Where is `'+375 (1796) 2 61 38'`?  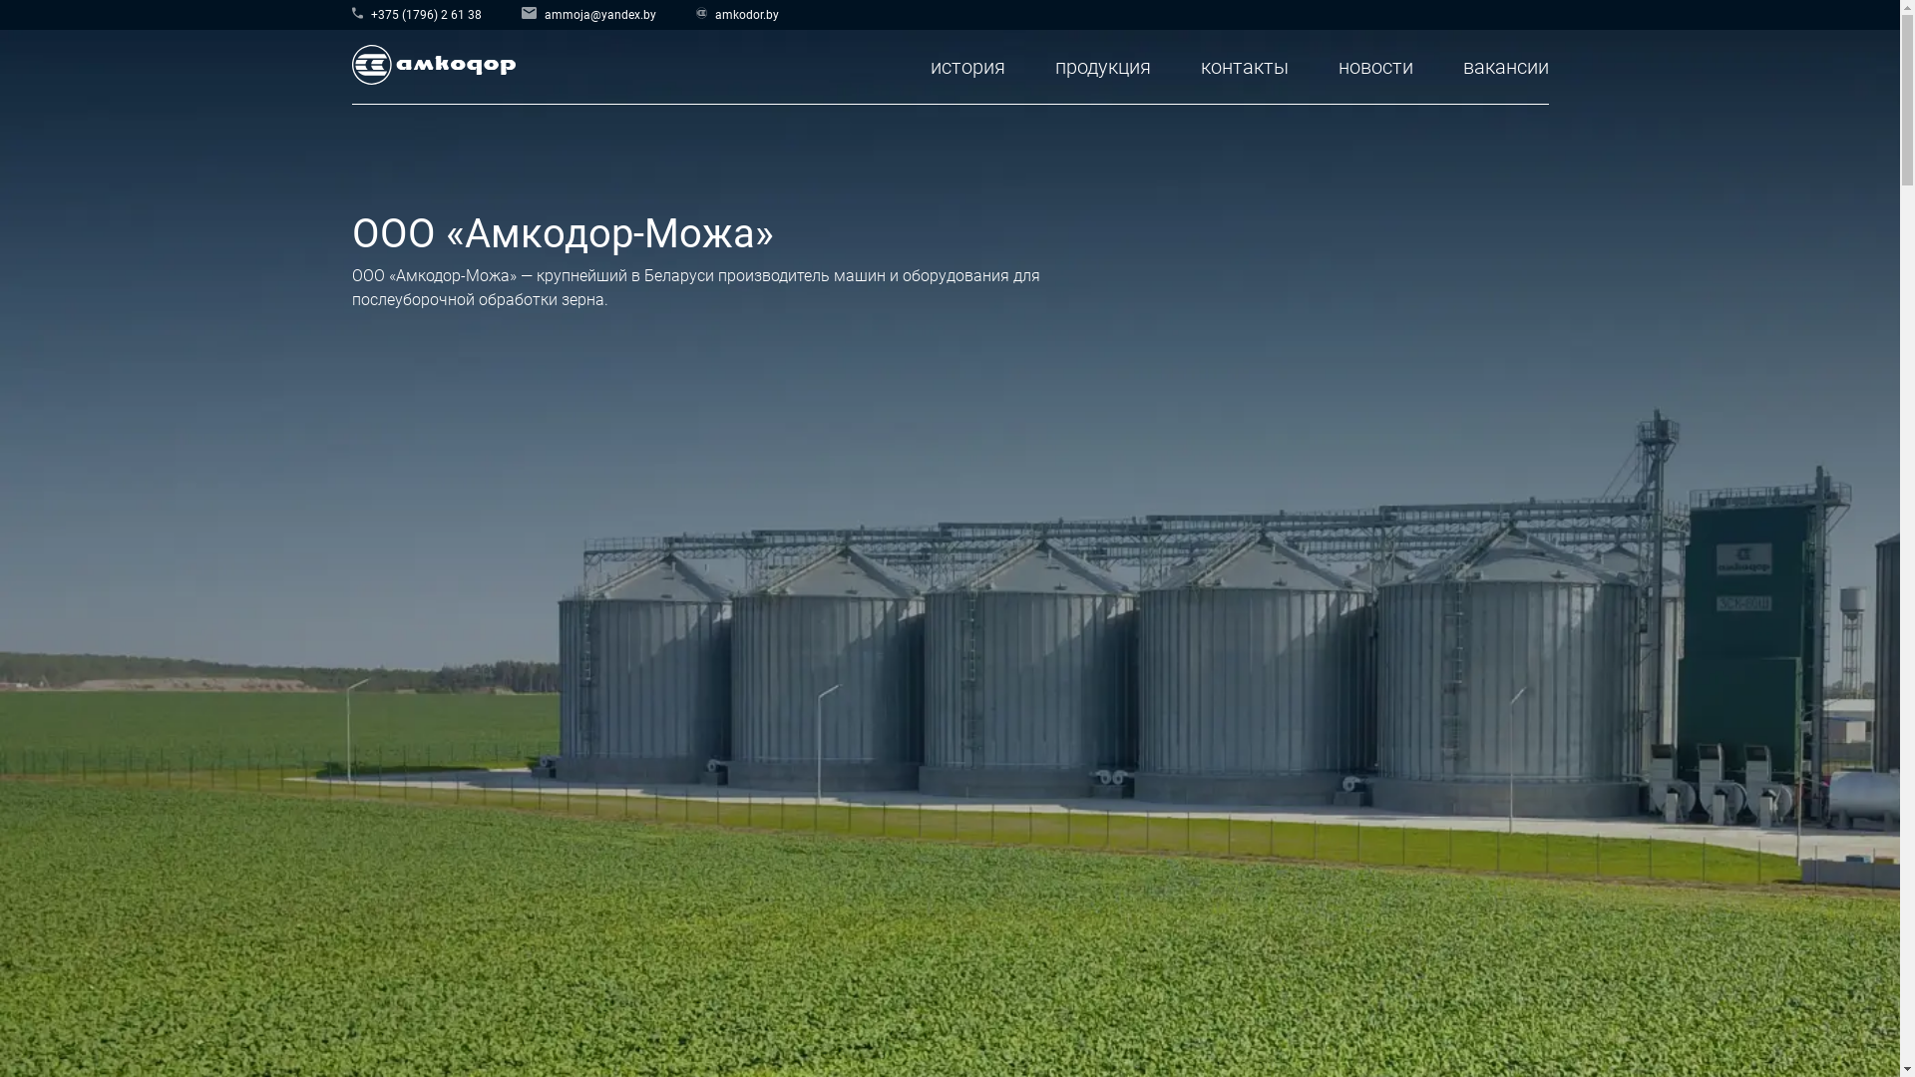 '+375 (1796) 2 61 38' is located at coordinates (415, 11).